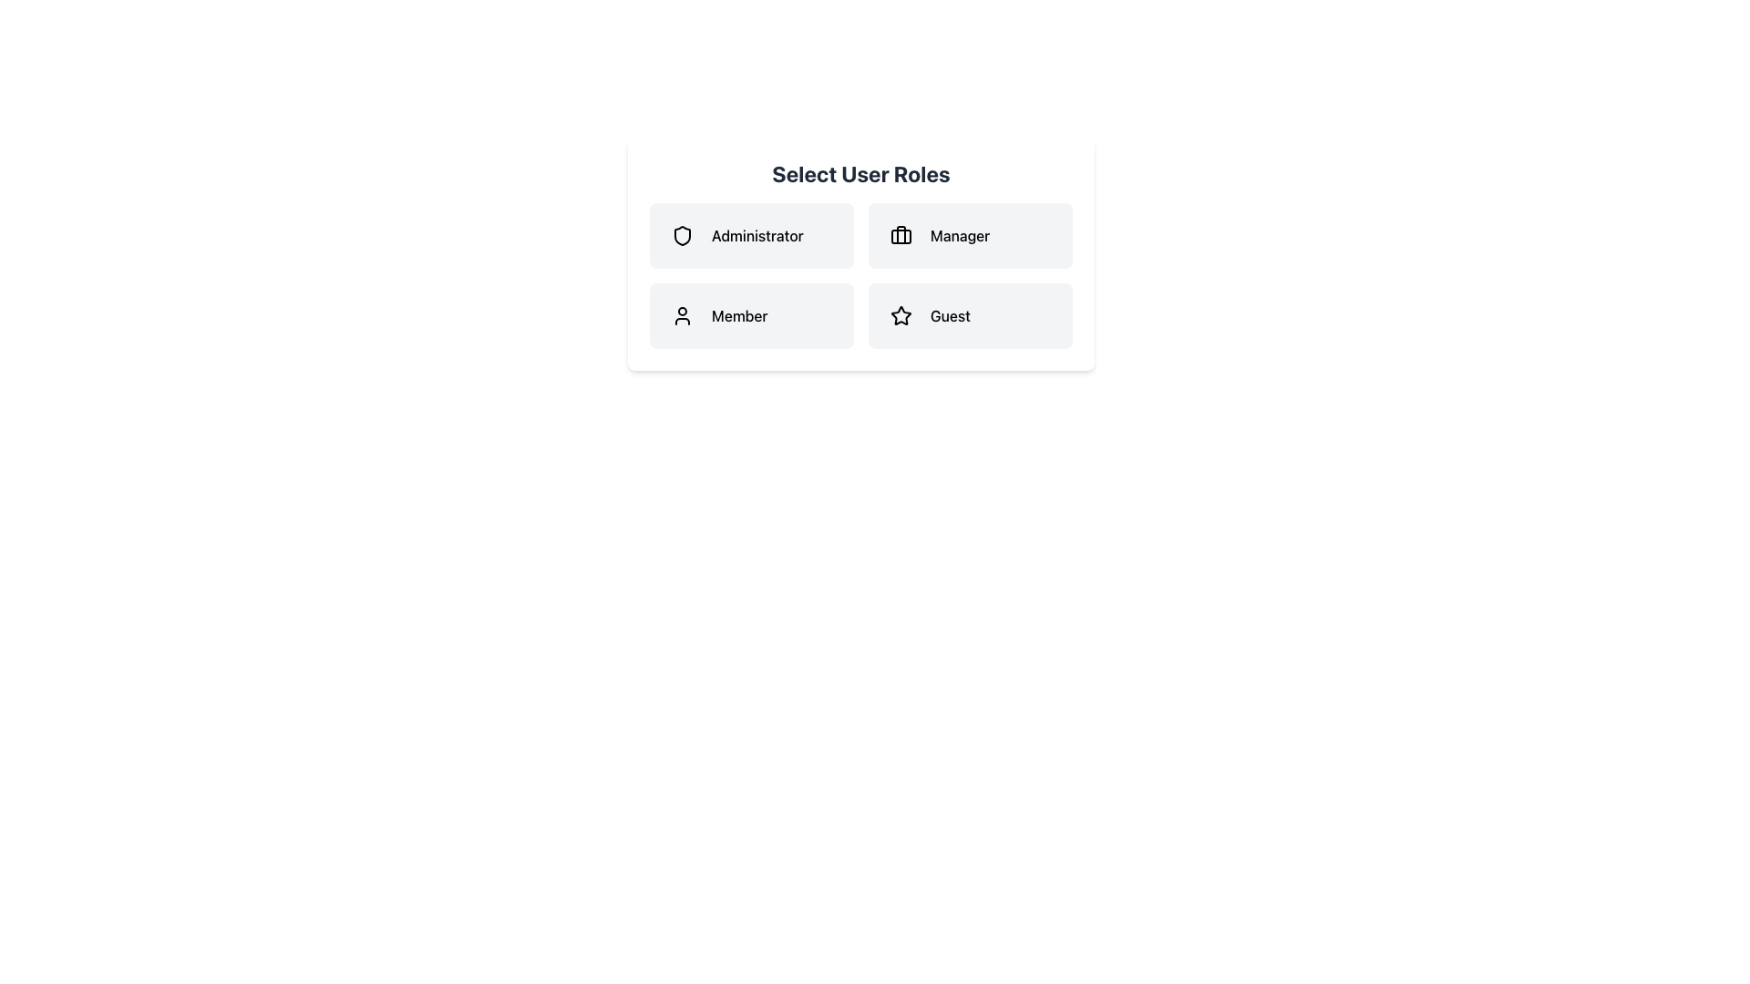 This screenshot has height=984, width=1750. I want to click on the 'Member' user role label, which is the third sub-element in a 2x2 grid of selectable roles, so click(739, 315).